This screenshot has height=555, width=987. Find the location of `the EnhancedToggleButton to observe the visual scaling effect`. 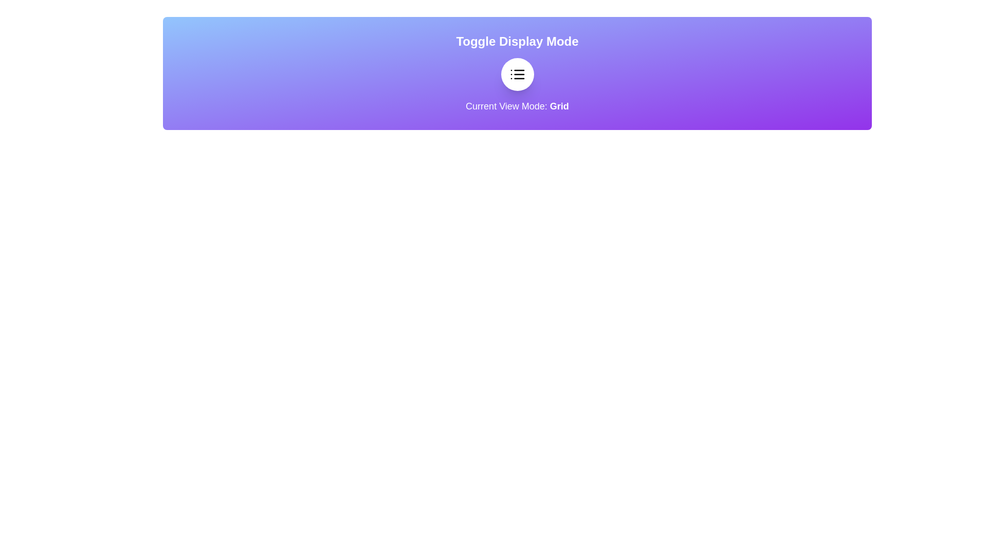

the EnhancedToggleButton to observe the visual scaling effect is located at coordinates (517, 74).